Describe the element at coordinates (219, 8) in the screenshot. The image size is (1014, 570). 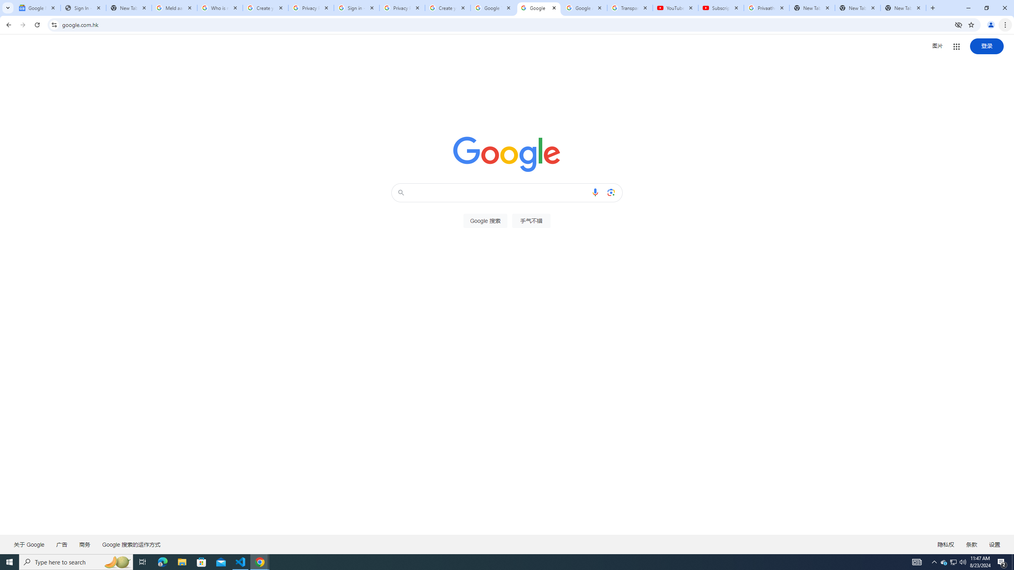
I see `'Who is my administrator? - Google Account Help'` at that location.